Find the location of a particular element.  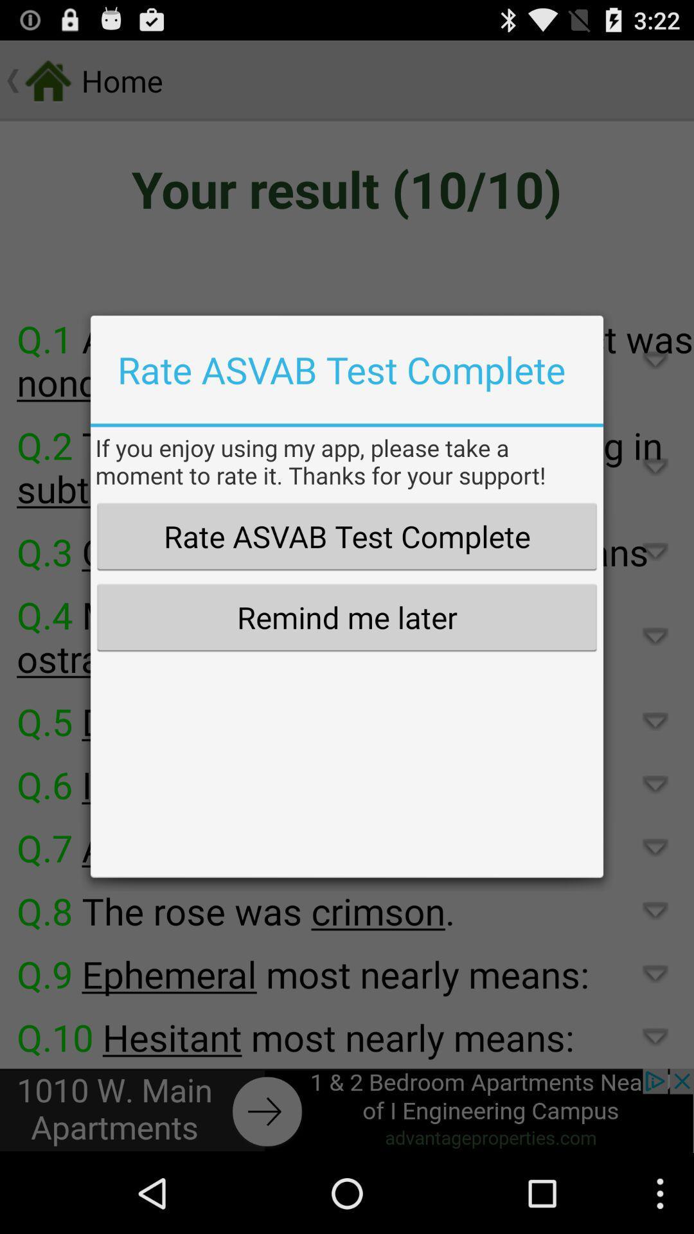

the remind me later icon is located at coordinates (347, 617).